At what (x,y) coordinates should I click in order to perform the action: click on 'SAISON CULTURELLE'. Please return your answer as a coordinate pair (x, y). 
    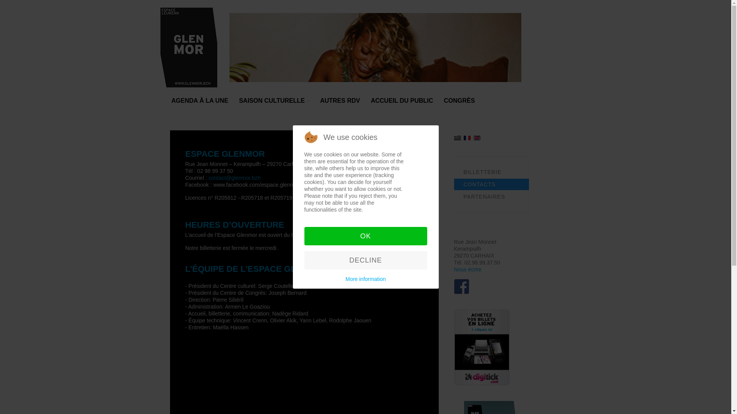
    Looking at the image, I should click on (274, 103).